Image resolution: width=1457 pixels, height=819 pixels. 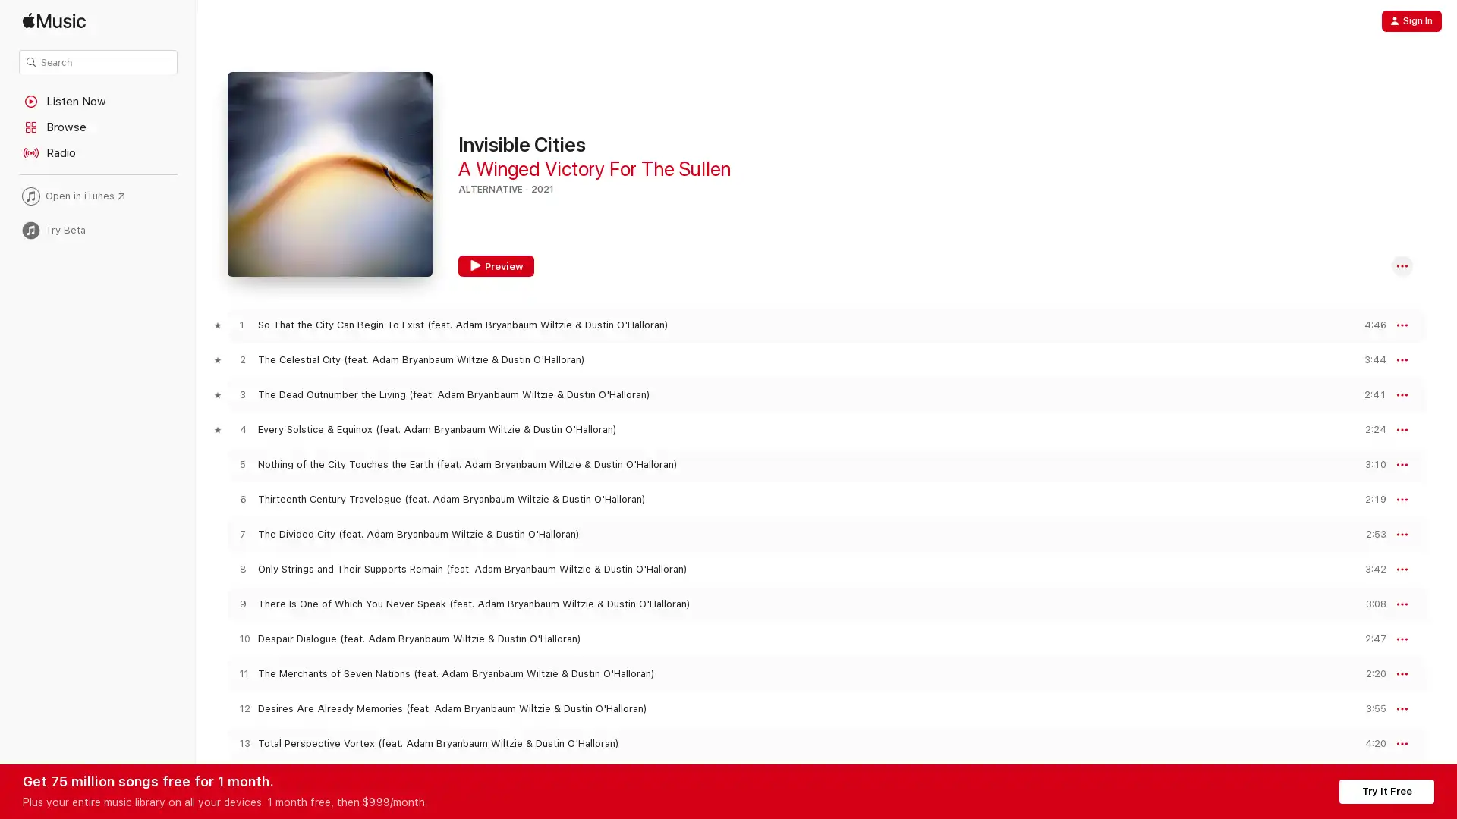 I want to click on Preview, so click(x=1369, y=569).